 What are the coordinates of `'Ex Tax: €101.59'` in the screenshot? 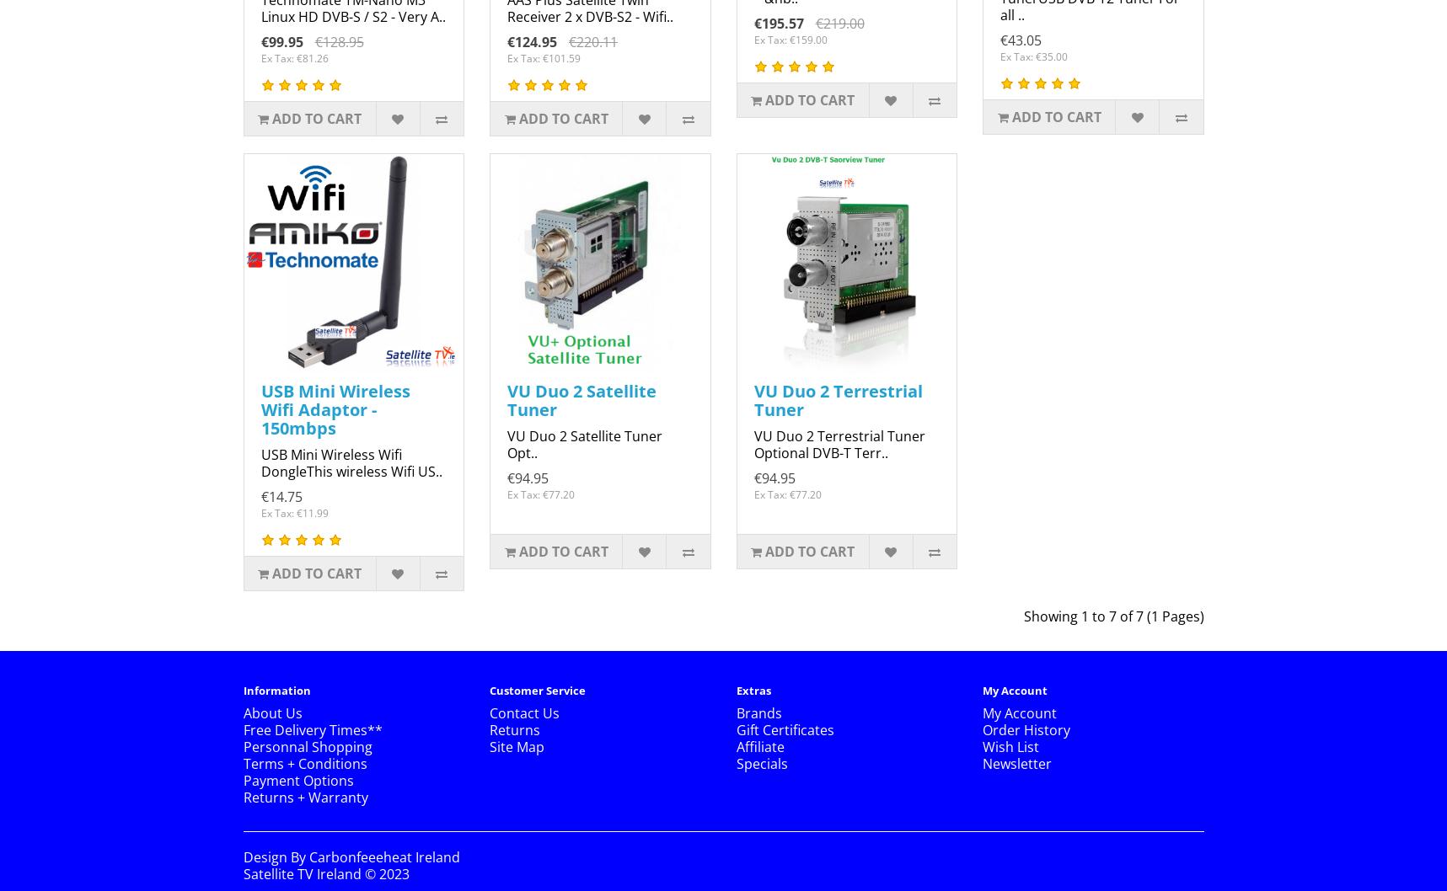 It's located at (543, 58).